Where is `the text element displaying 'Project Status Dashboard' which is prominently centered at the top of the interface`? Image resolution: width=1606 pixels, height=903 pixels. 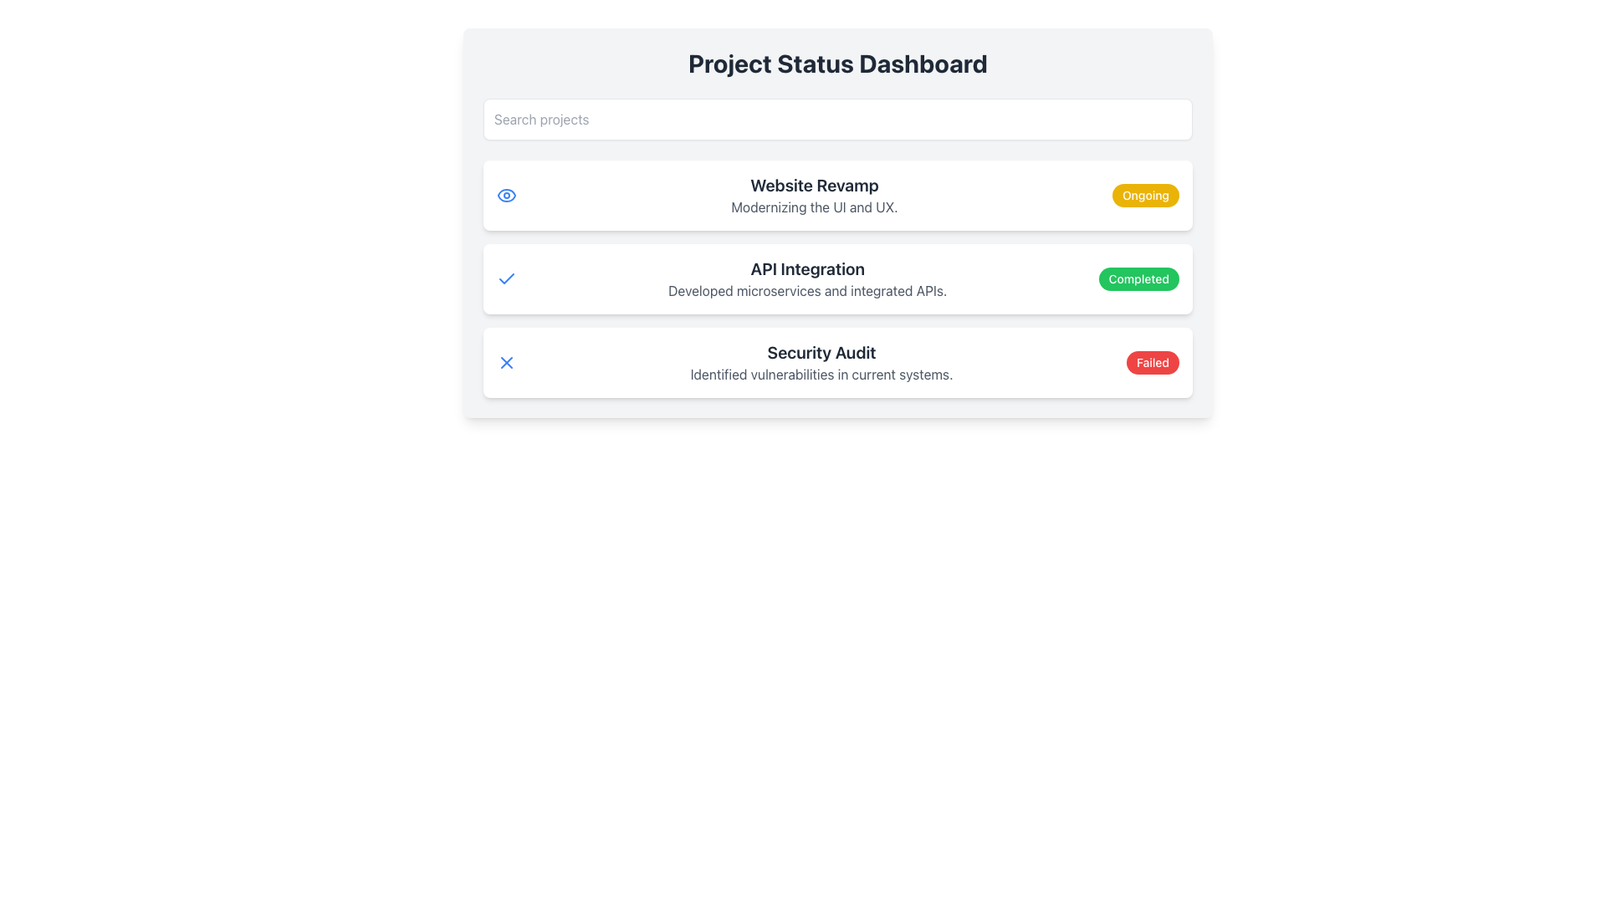 the text element displaying 'Project Status Dashboard' which is prominently centered at the top of the interface is located at coordinates (838, 63).